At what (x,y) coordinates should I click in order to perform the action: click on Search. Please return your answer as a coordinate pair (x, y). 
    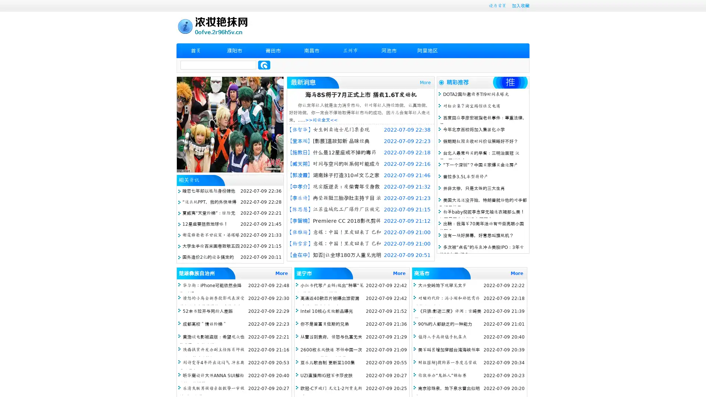
    Looking at the image, I should click on (264, 65).